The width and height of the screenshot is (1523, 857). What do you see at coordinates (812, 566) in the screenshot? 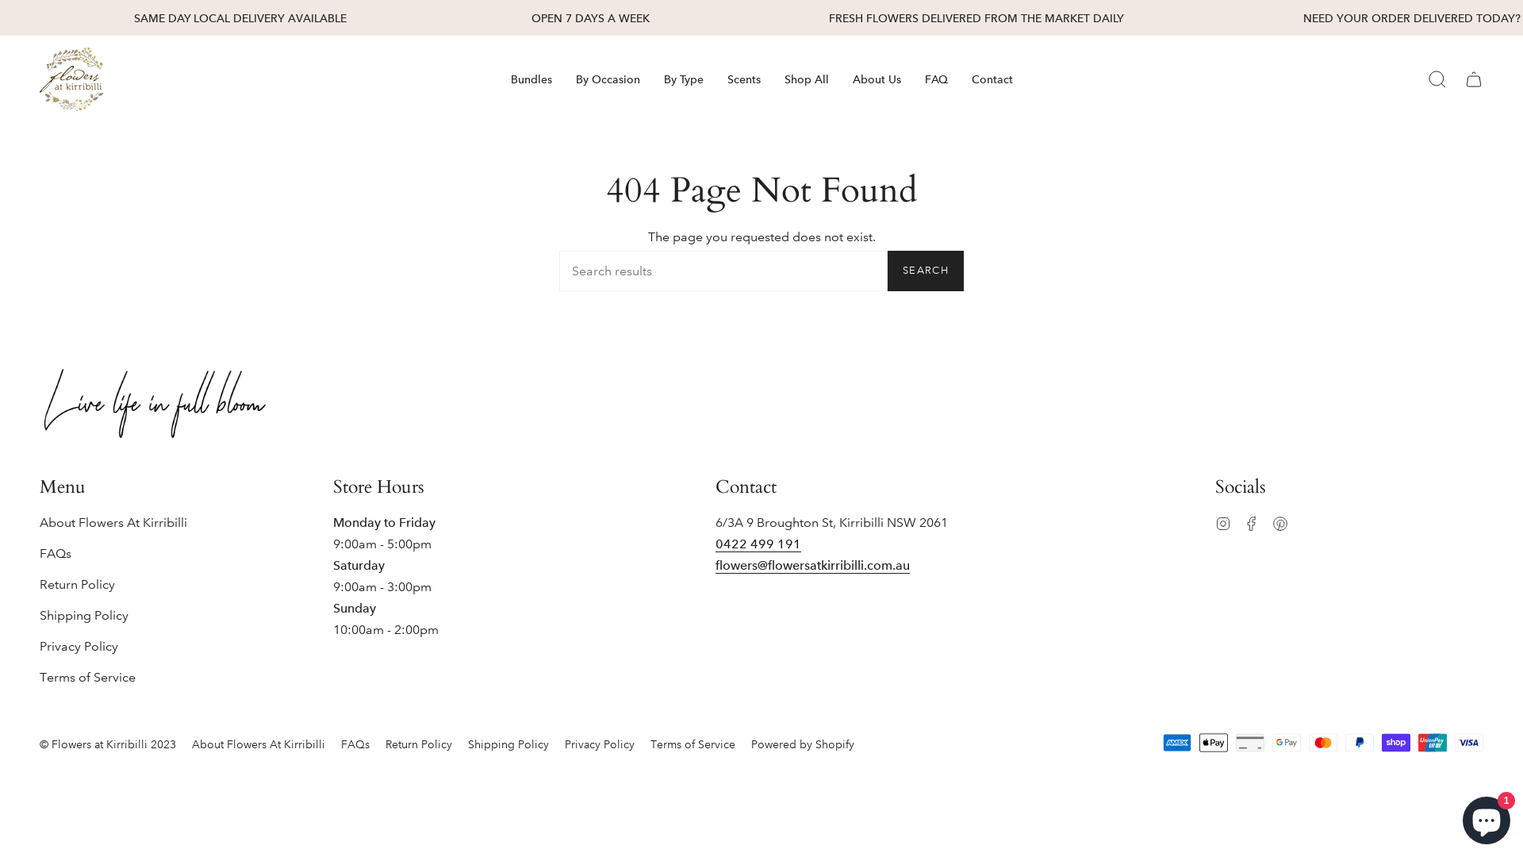
I see `'flowers@flowersatkirribilli.com.au'` at bounding box center [812, 566].